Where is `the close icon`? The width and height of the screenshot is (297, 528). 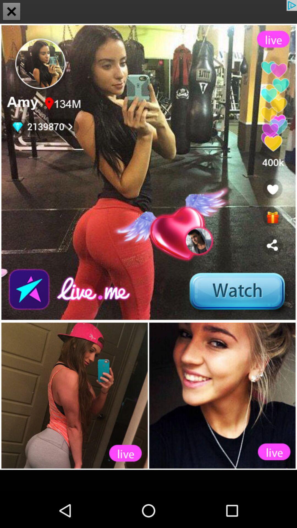
the close icon is located at coordinates (12, 12).